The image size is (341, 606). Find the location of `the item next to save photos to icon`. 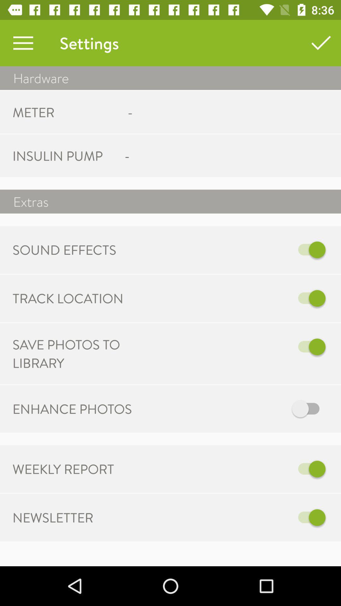

the item next to save photos to icon is located at coordinates (236, 347).